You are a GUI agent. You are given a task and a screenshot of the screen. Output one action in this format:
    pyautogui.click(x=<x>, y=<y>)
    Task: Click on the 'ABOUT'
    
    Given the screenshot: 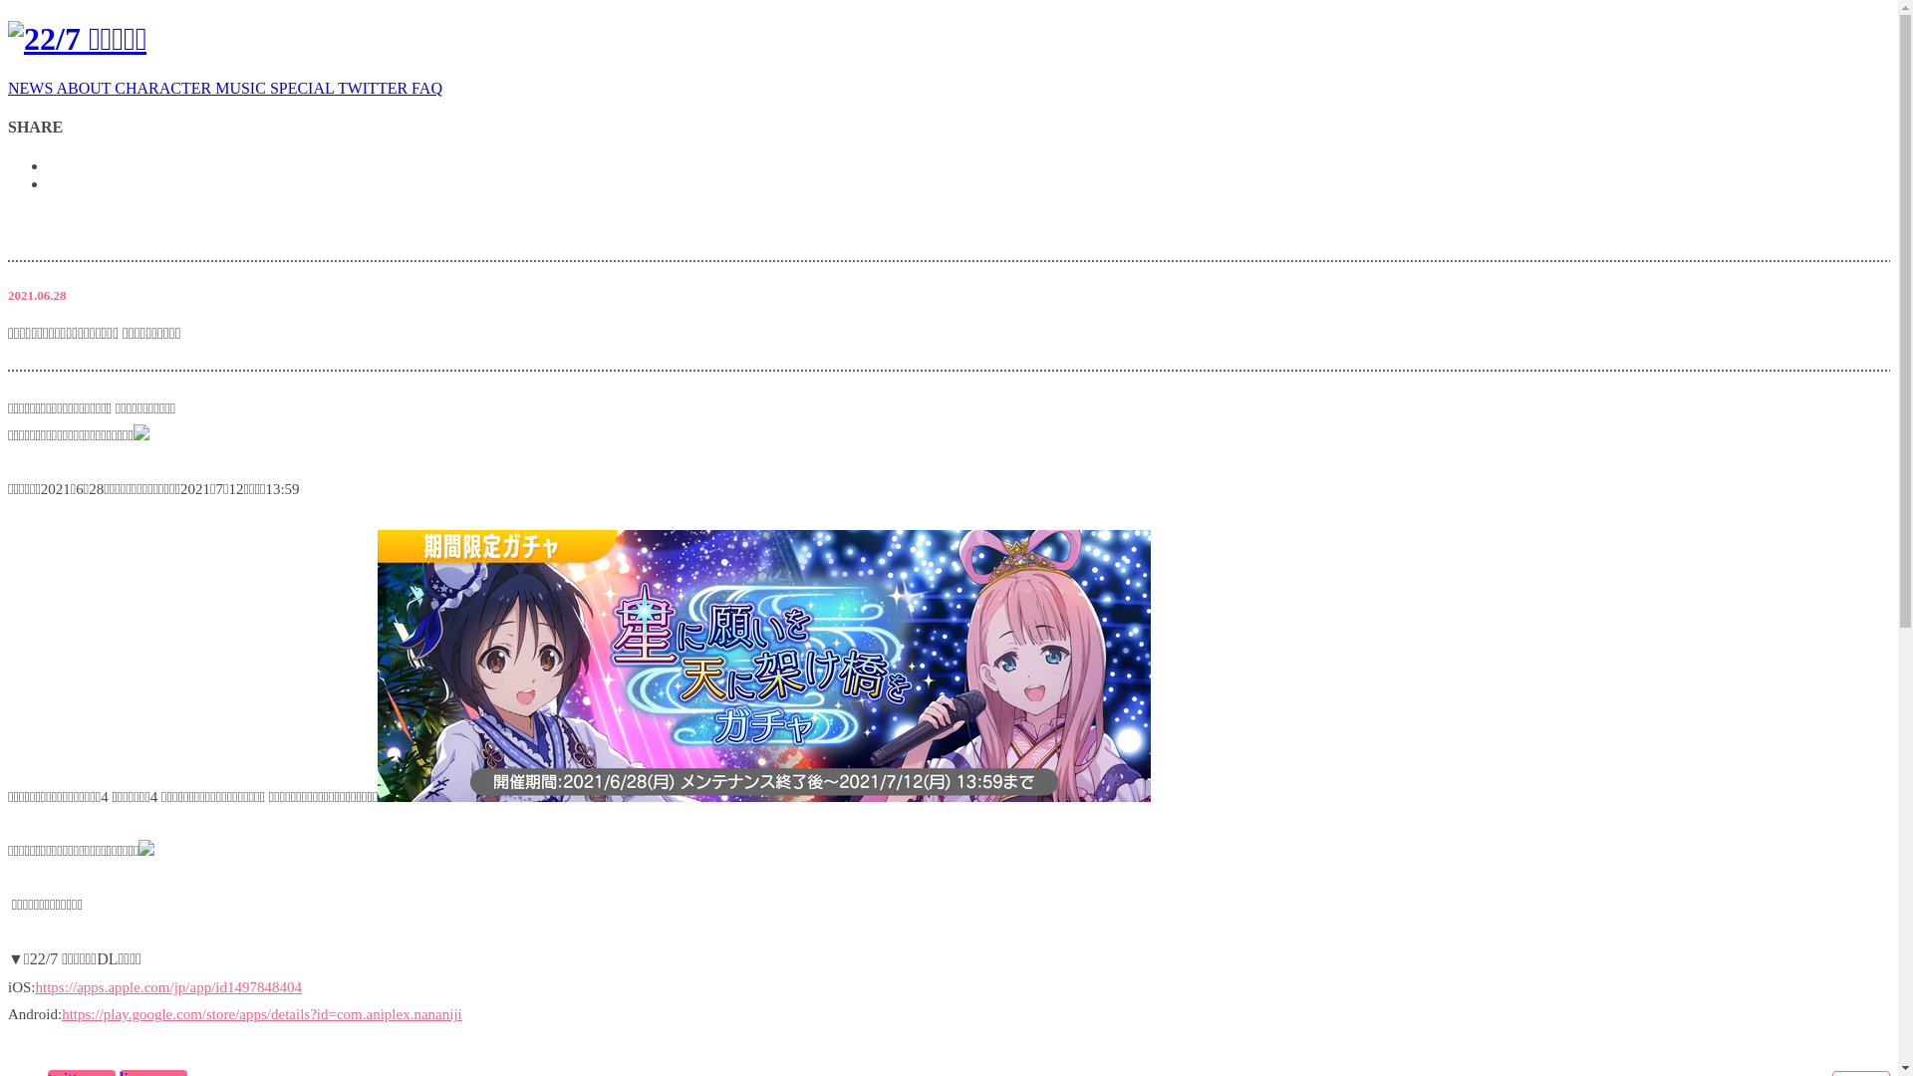 What is the action you would take?
    pyautogui.click(x=84, y=87)
    